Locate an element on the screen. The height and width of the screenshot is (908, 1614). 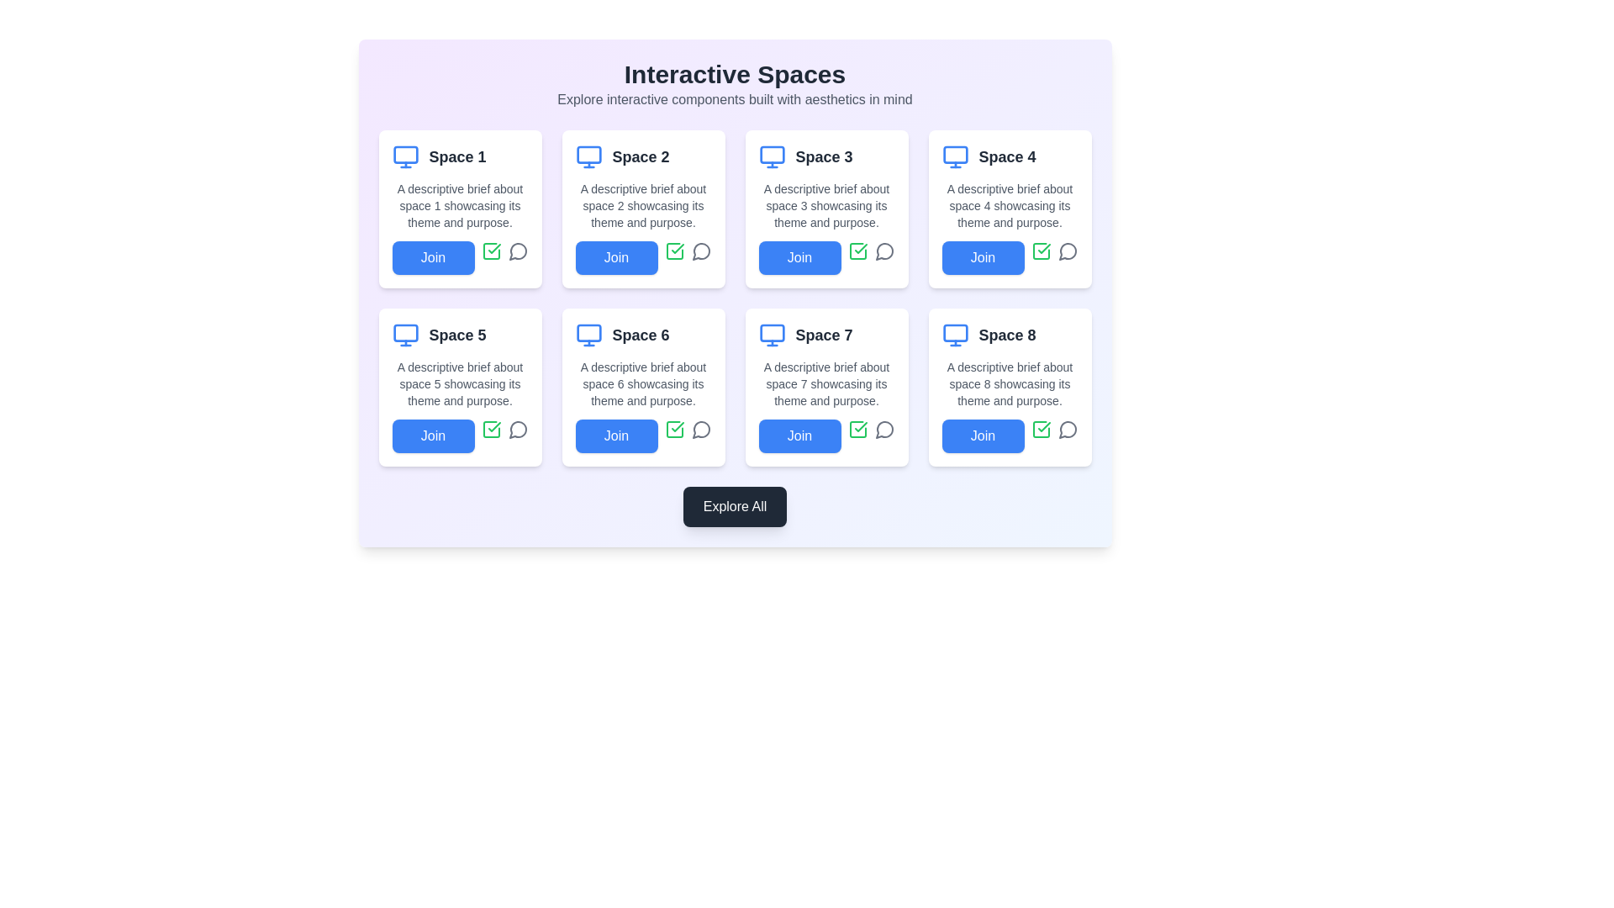
the square-shaped icon with a green checkmark located in the second column of the interactive card for 'Space 4', adjacent to the speech-bubble icon and aligned with the 'Join' button is located at coordinates (1040, 251).